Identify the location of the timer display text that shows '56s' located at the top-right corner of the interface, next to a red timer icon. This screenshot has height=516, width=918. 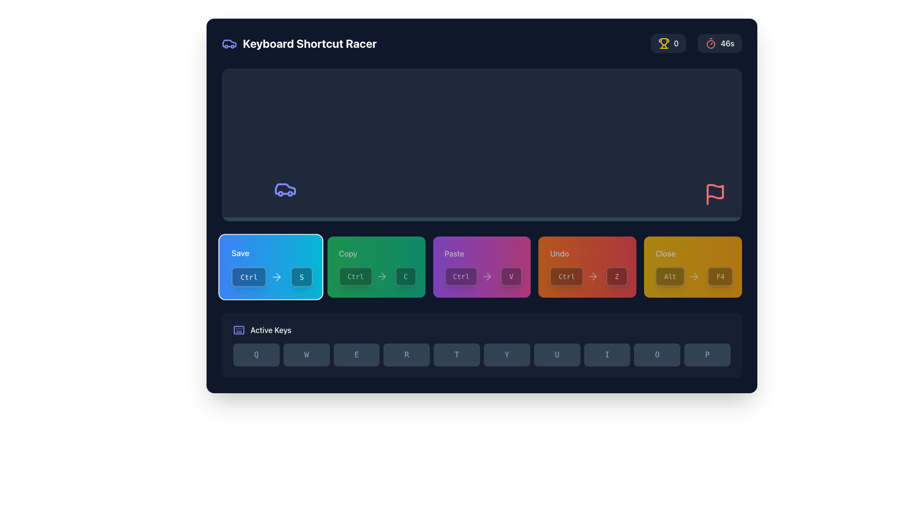
(727, 43).